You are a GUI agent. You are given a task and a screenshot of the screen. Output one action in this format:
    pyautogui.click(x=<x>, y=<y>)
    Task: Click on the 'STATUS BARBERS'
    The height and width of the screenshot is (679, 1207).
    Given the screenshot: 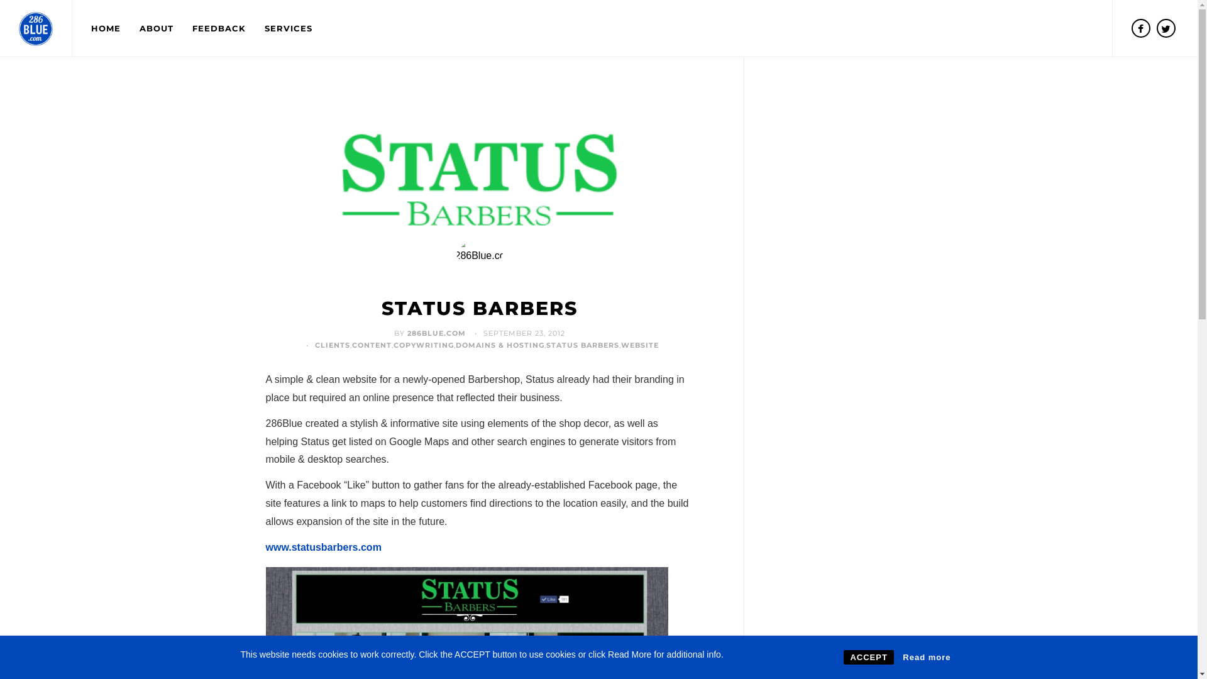 What is the action you would take?
    pyautogui.click(x=478, y=308)
    